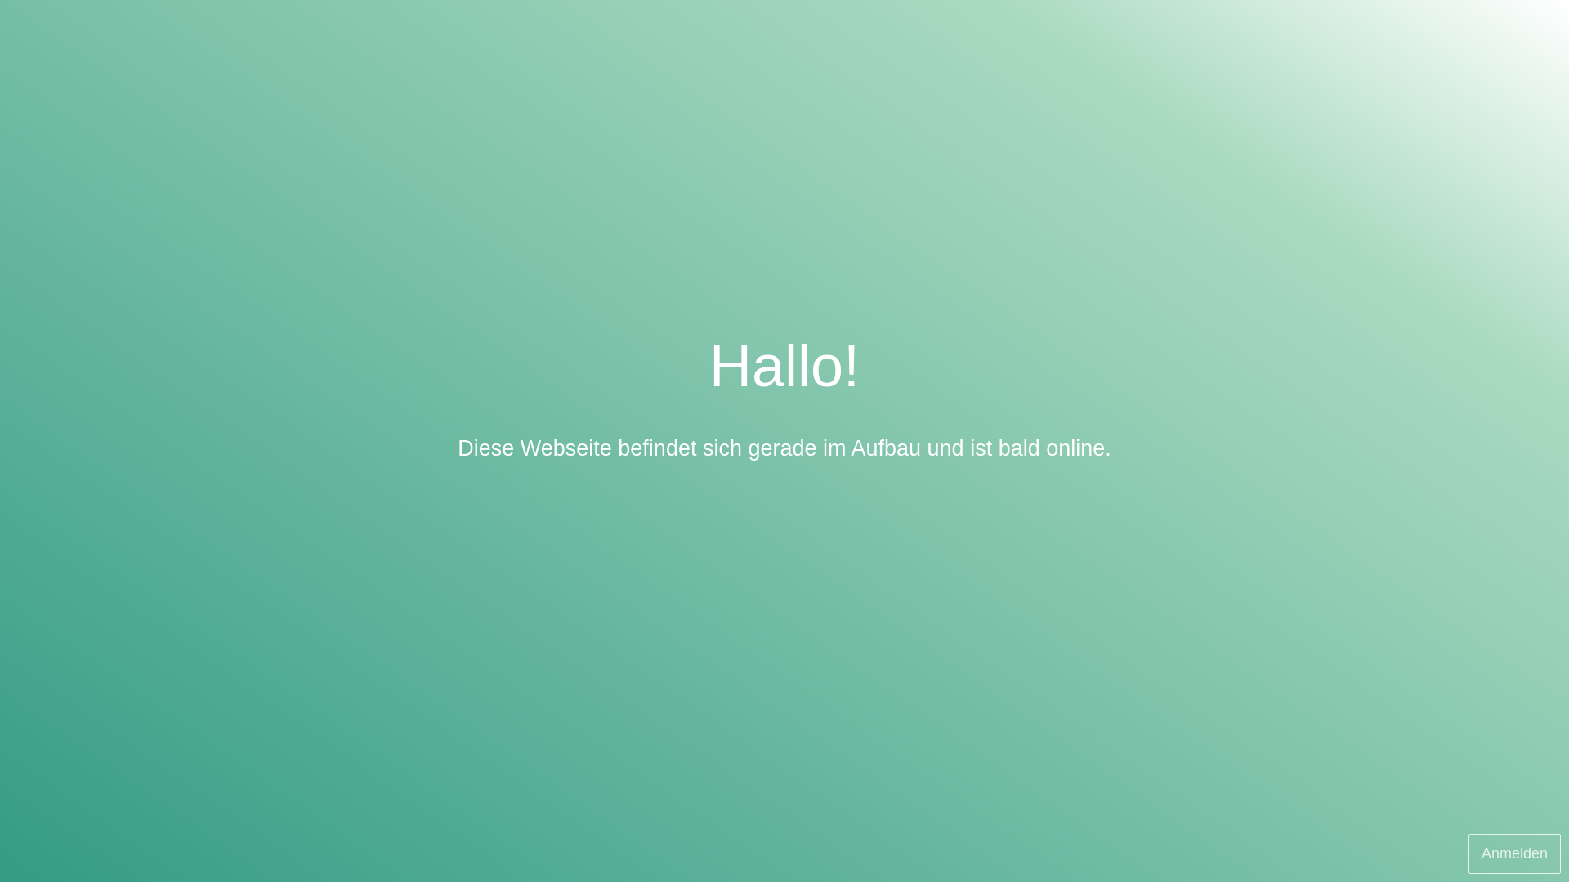 The image size is (1569, 882). I want to click on 'Anmelden', so click(1468, 853).